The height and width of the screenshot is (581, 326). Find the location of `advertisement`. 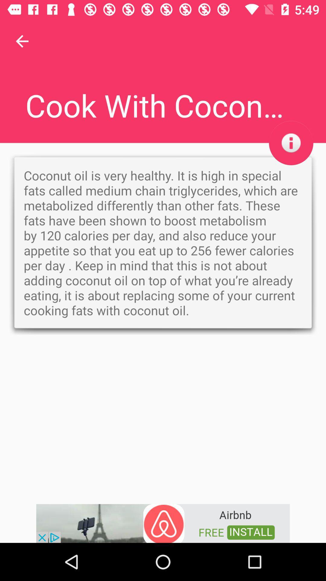

advertisement is located at coordinates (163, 523).